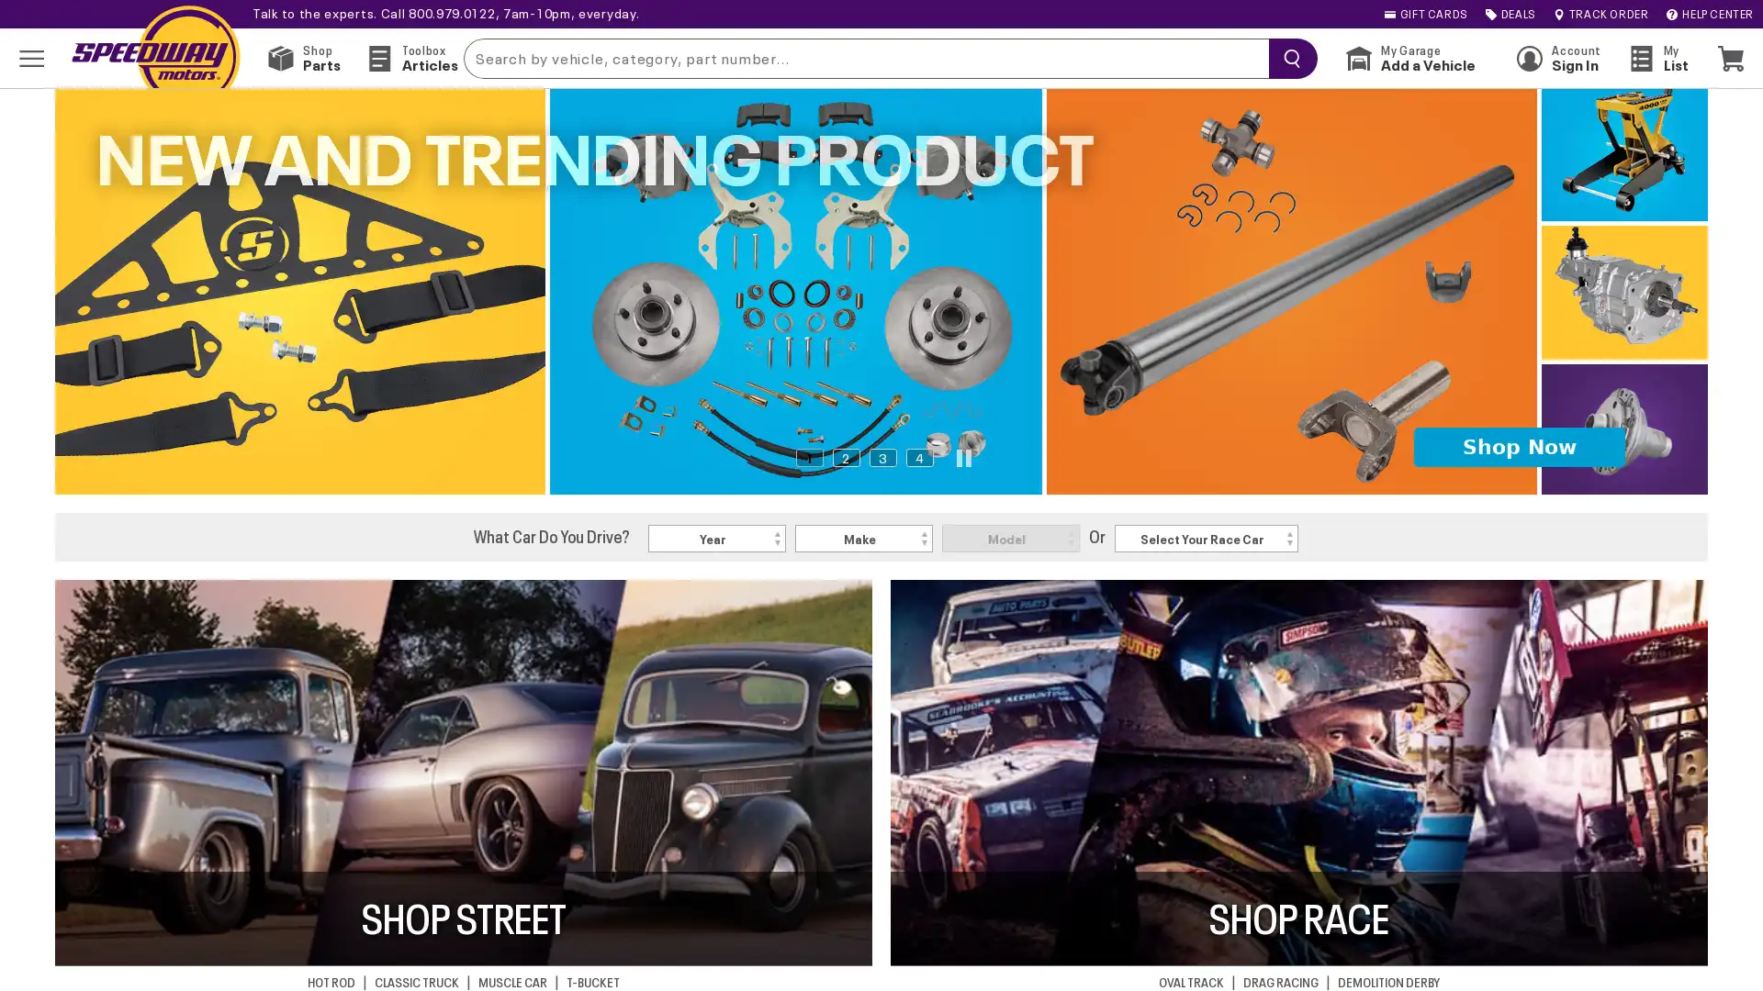 The width and height of the screenshot is (1763, 991). What do you see at coordinates (1409, 57) in the screenshot?
I see `My Garage Add a Vehicle` at bounding box center [1409, 57].